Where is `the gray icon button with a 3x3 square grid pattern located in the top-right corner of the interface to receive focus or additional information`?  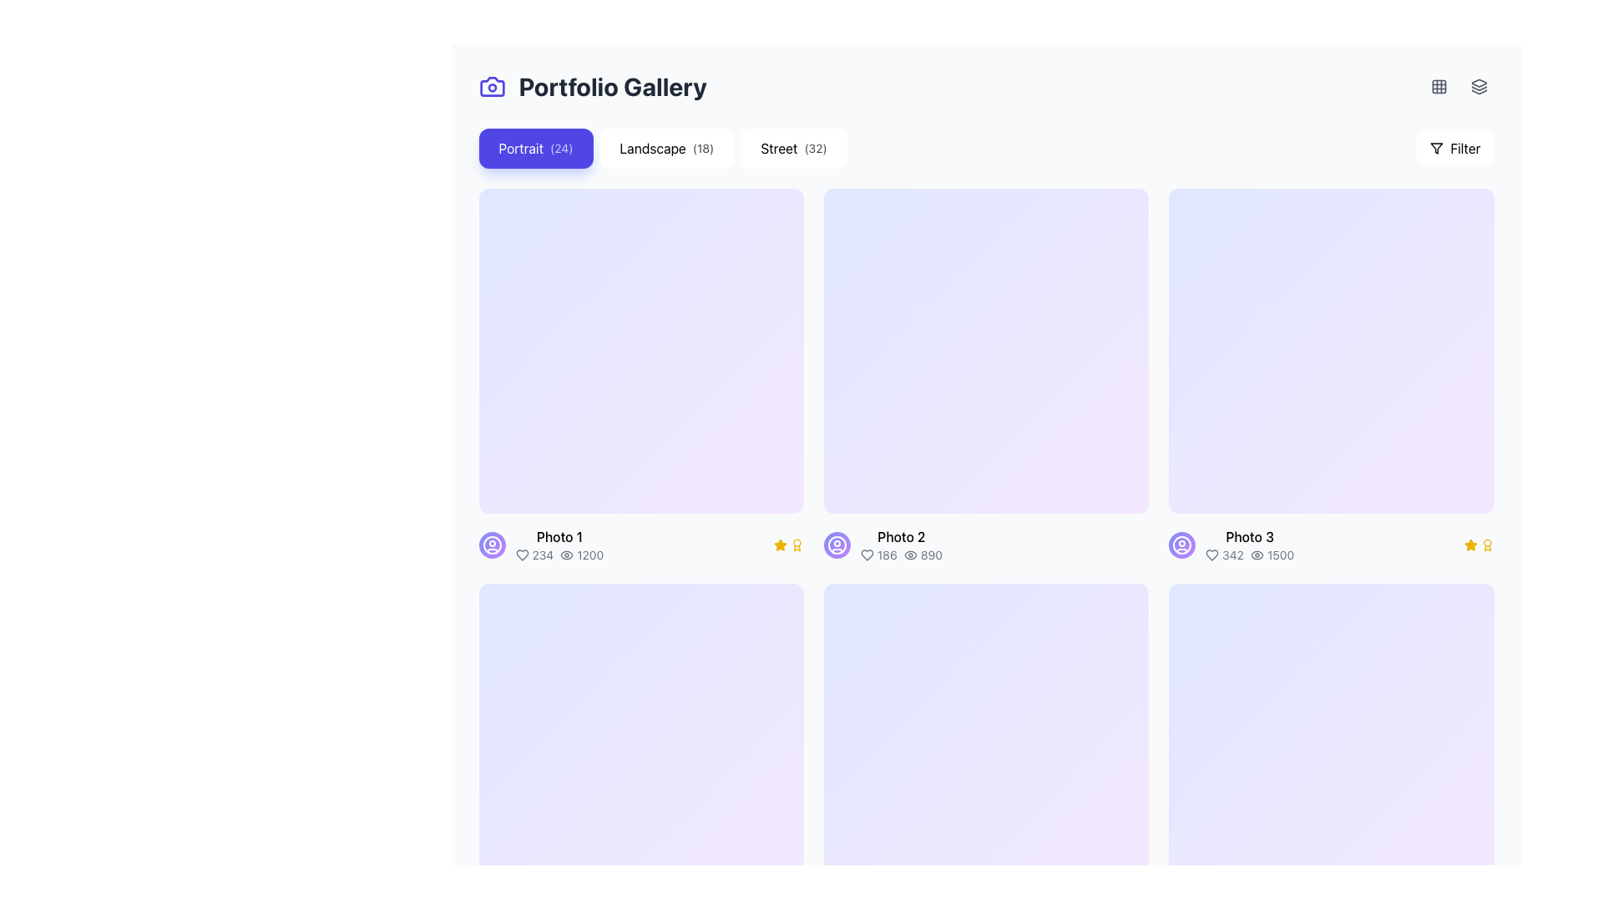
the gray icon button with a 3x3 square grid pattern located in the top-right corner of the interface to receive focus or additional information is located at coordinates (1438, 87).